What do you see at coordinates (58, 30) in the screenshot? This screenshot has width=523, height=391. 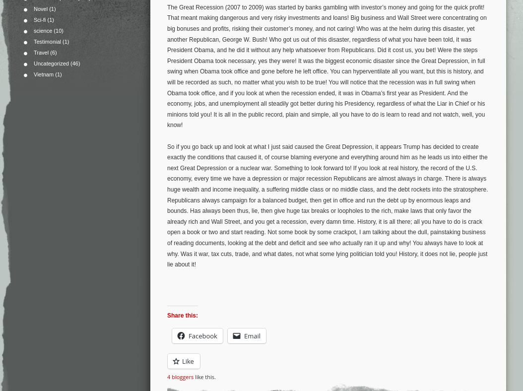 I see `'(10)'` at bounding box center [58, 30].